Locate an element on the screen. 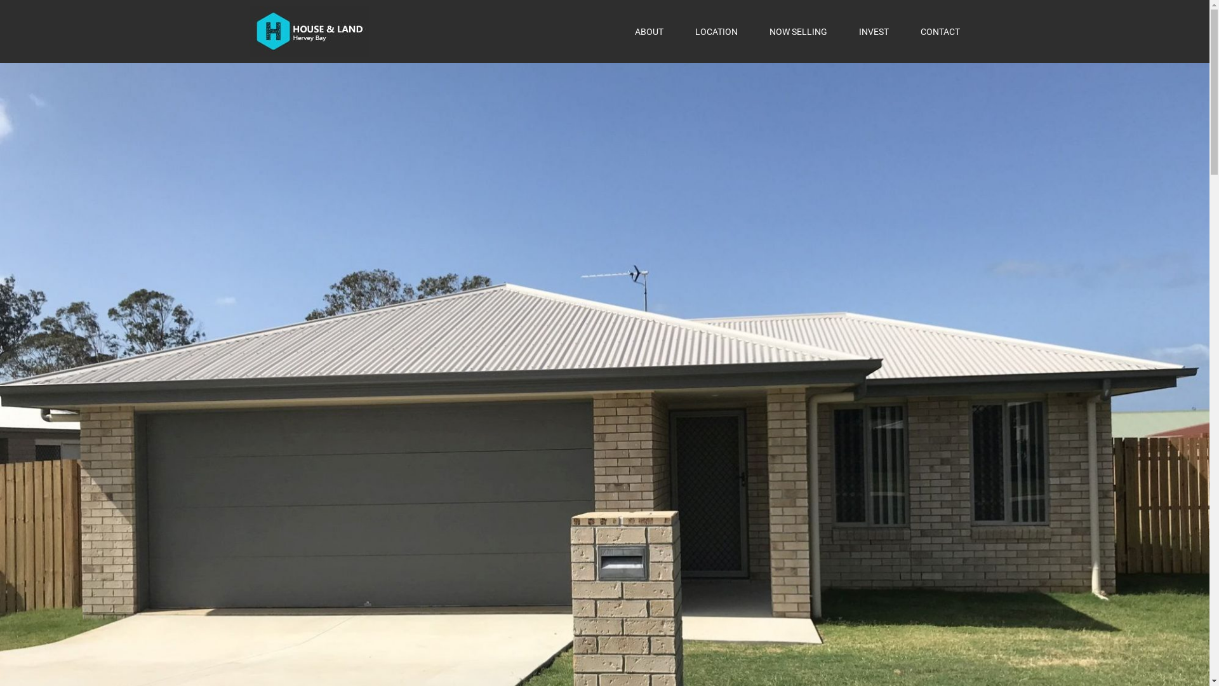 The width and height of the screenshot is (1219, 686). 'CONTACT' is located at coordinates (940, 30).